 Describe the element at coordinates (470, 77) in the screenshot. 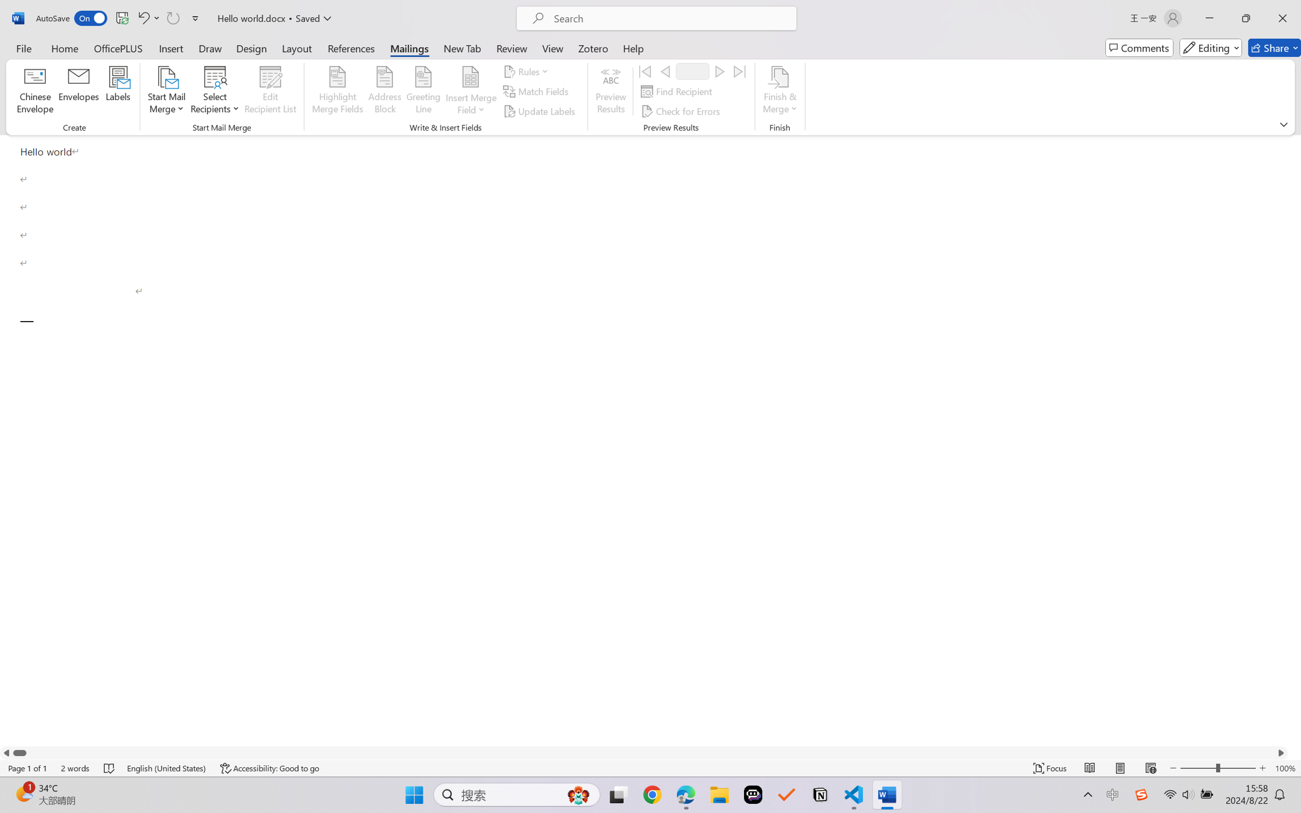

I see `'Insert Merge Field'` at that location.